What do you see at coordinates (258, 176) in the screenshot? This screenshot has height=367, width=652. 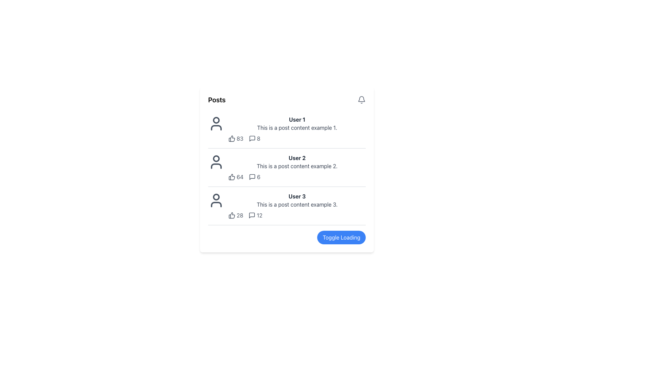 I see `the numeric label displaying '6', which is part of the comment count for the second post, located to the right of the speech bubble icon` at bounding box center [258, 176].